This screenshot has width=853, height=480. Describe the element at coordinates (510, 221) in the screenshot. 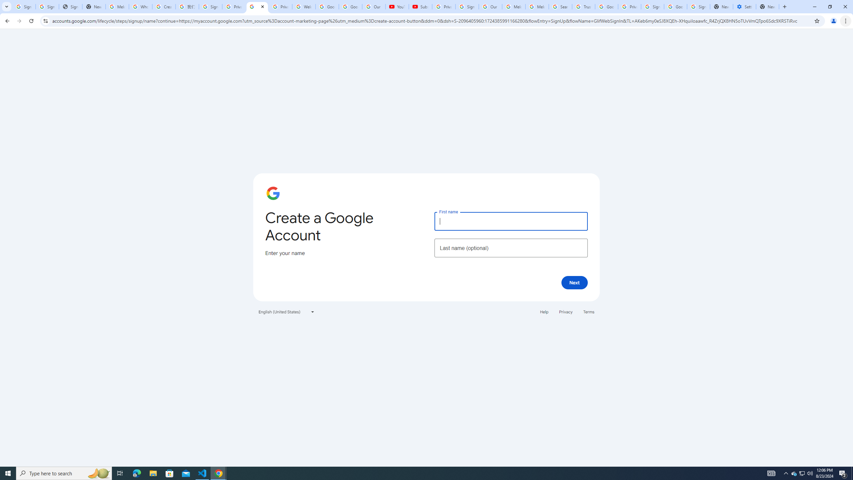

I see `'First name'` at that location.